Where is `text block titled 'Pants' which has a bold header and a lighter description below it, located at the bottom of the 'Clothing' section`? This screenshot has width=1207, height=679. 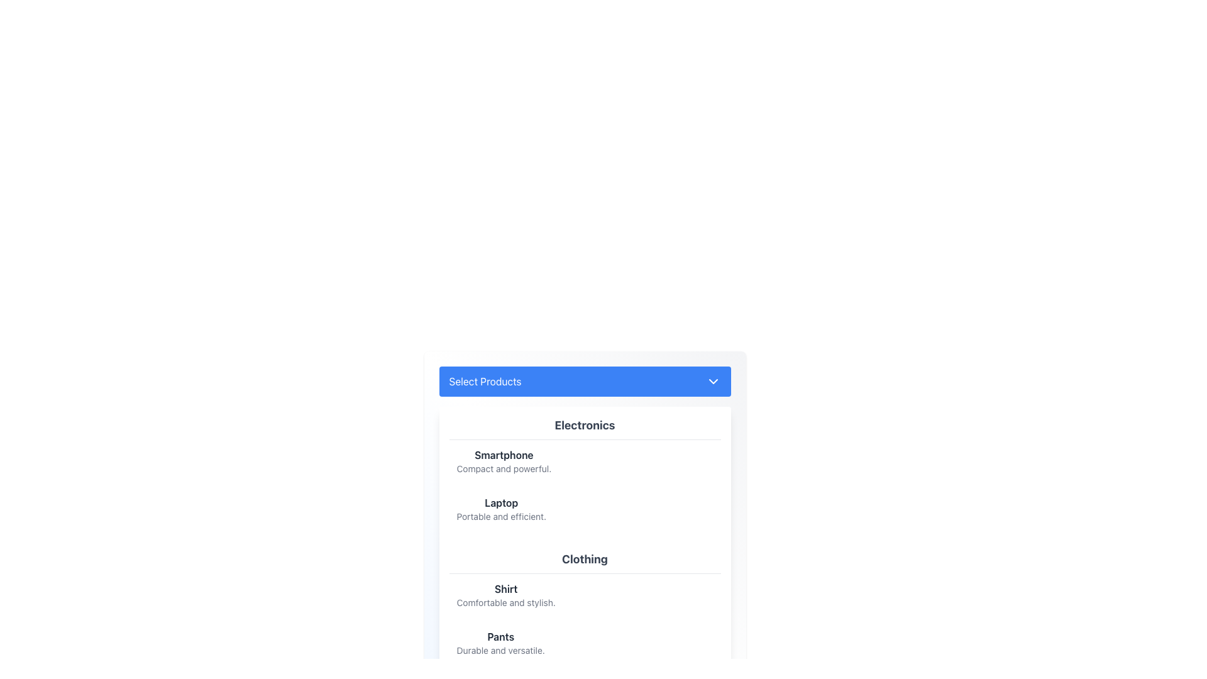 text block titled 'Pants' which has a bold header and a lighter description below it, located at the bottom of the 'Clothing' section is located at coordinates (500, 643).